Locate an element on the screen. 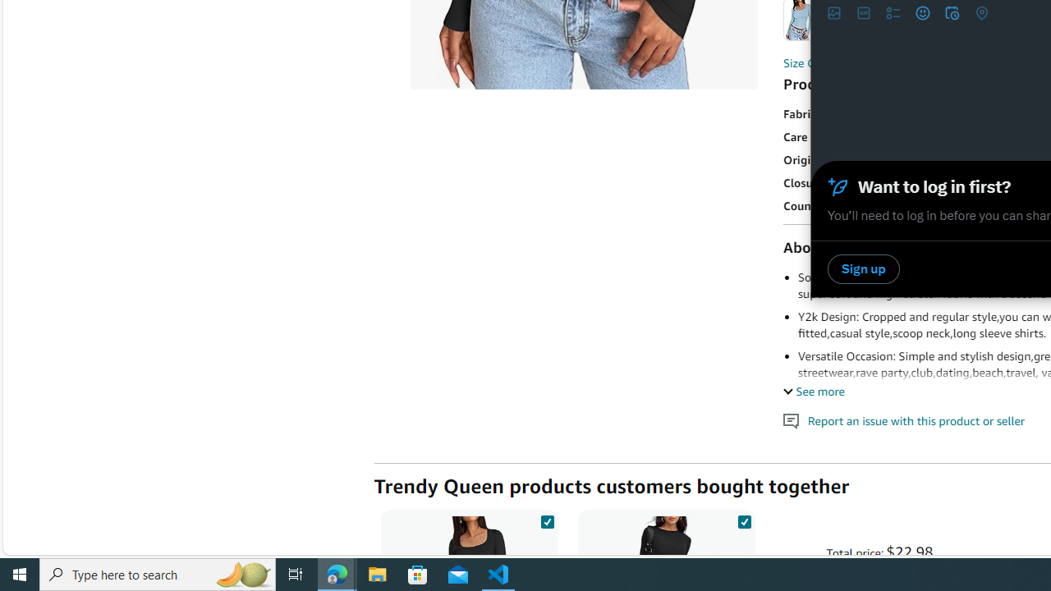 Image resolution: width=1051 pixels, height=591 pixels. 'Search highlights icon opens search home window' is located at coordinates (241, 573).